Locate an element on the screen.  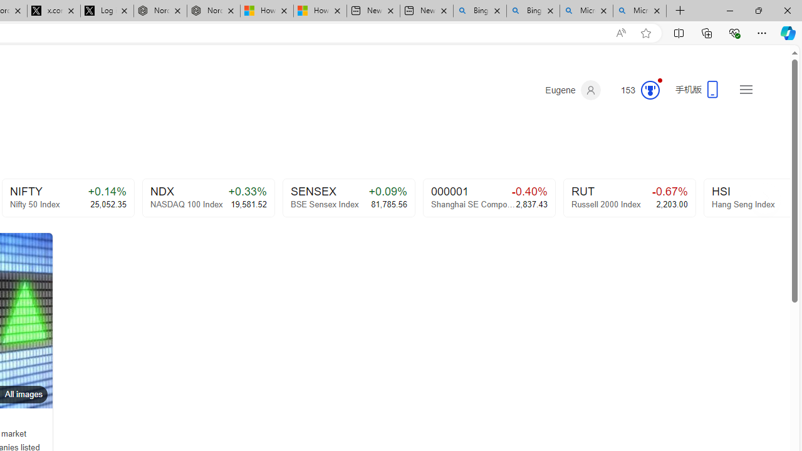
'Microsoft Rewards 153' is located at coordinates (635, 90).